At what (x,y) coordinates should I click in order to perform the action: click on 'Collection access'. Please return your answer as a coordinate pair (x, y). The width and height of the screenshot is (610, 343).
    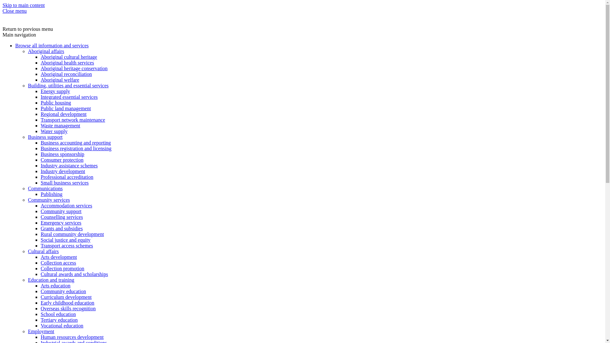
    Looking at the image, I should click on (58, 263).